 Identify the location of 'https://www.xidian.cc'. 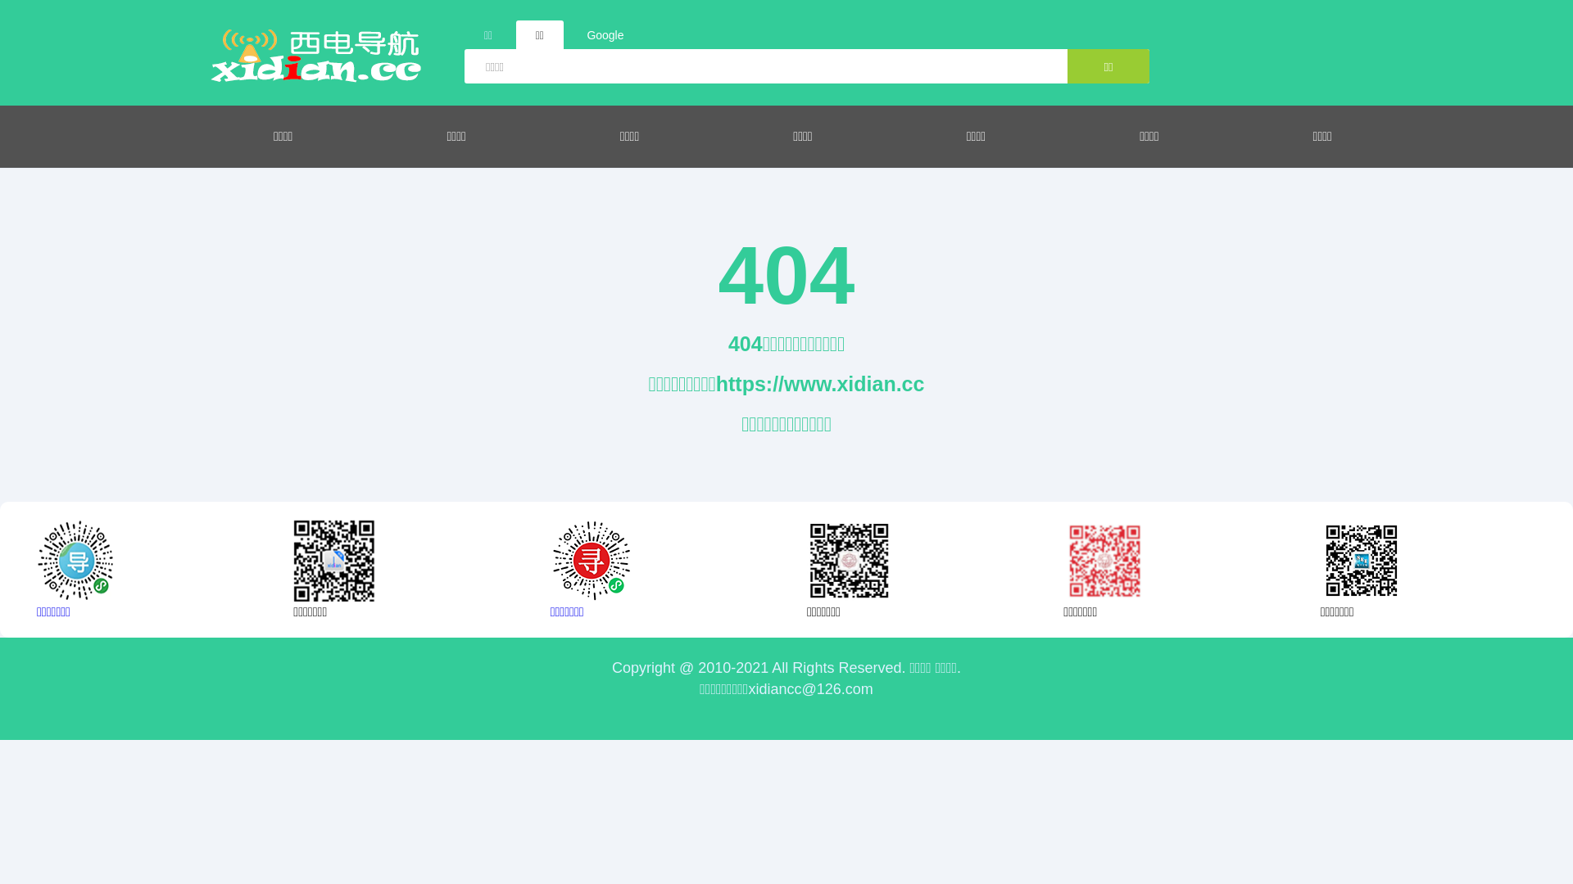
(820, 384).